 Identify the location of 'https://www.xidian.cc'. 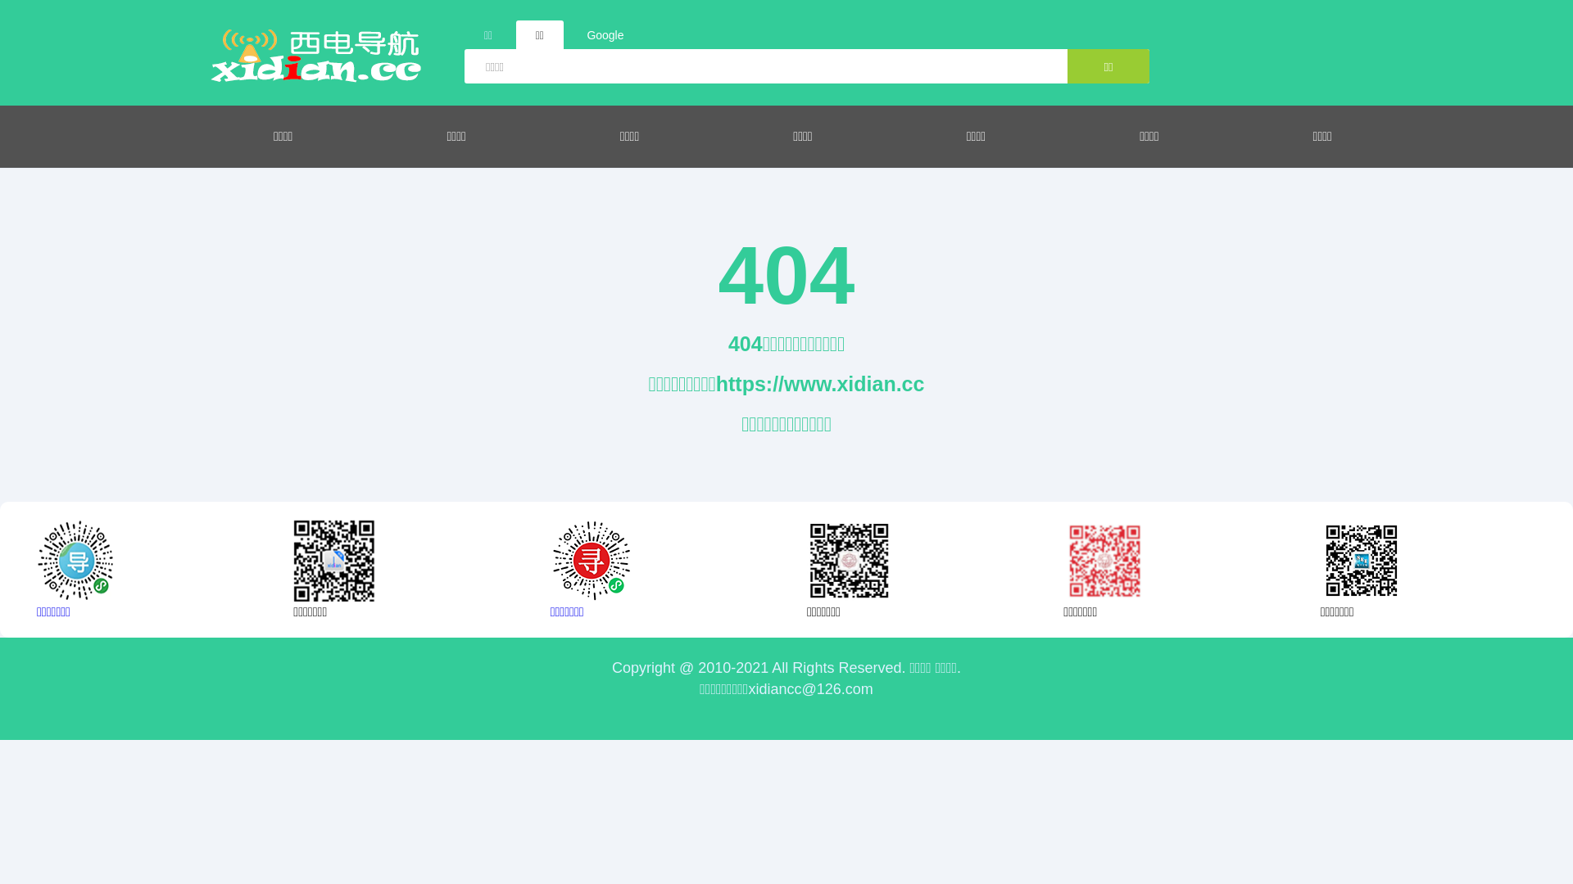
(820, 384).